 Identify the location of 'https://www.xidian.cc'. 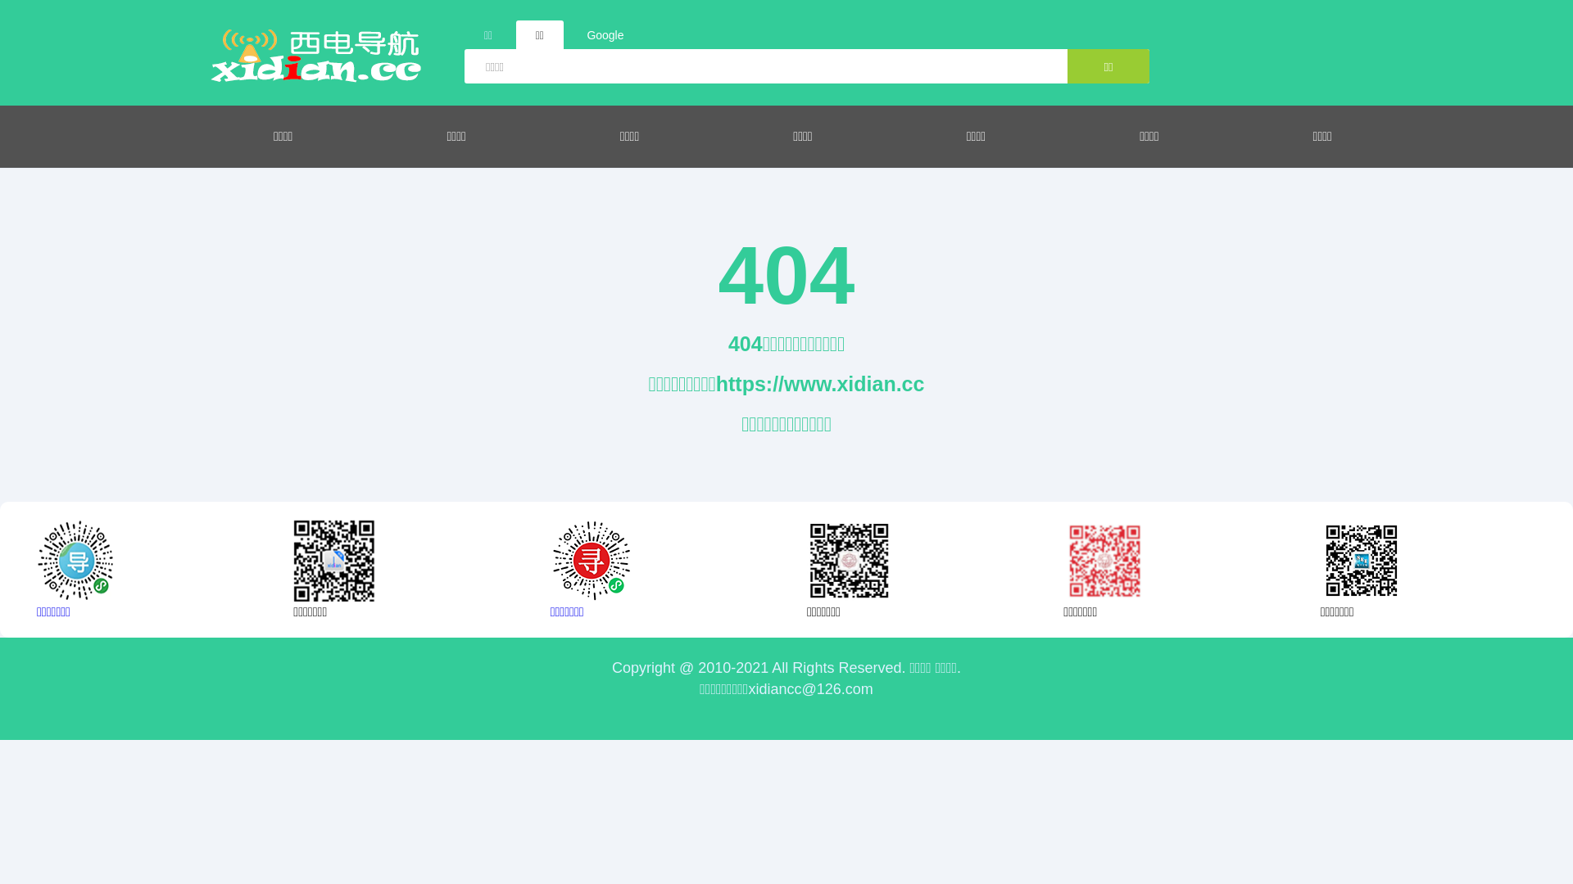
(820, 384).